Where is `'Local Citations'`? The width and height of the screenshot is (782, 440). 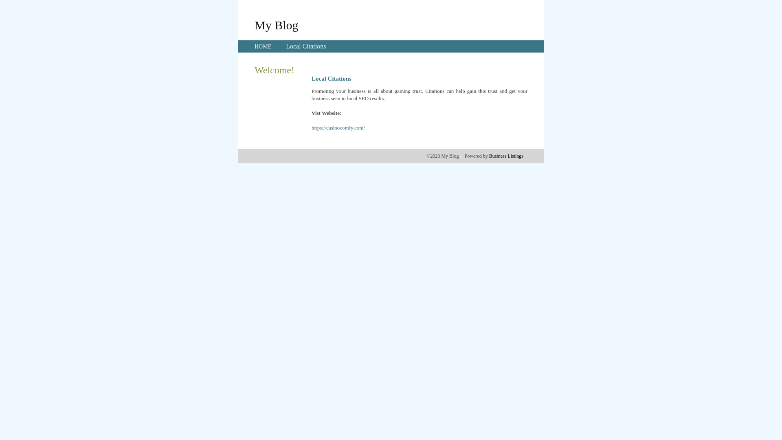 'Local Citations' is located at coordinates (286, 46).